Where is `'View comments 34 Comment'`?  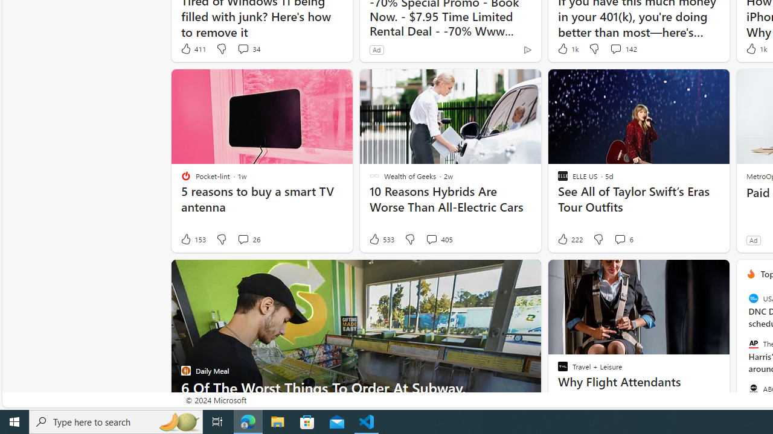
'View comments 34 Comment' is located at coordinates (248, 48).